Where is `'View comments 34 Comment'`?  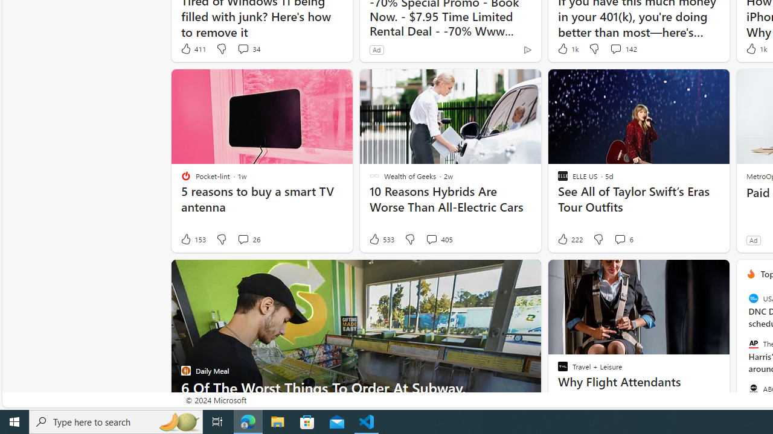
'View comments 34 Comment' is located at coordinates (248, 48).